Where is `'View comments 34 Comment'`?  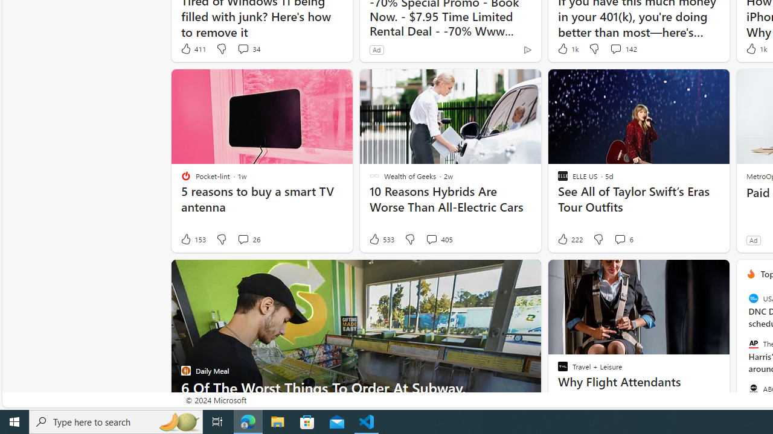
'View comments 34 Comment' is located at coordinates (248, 48).